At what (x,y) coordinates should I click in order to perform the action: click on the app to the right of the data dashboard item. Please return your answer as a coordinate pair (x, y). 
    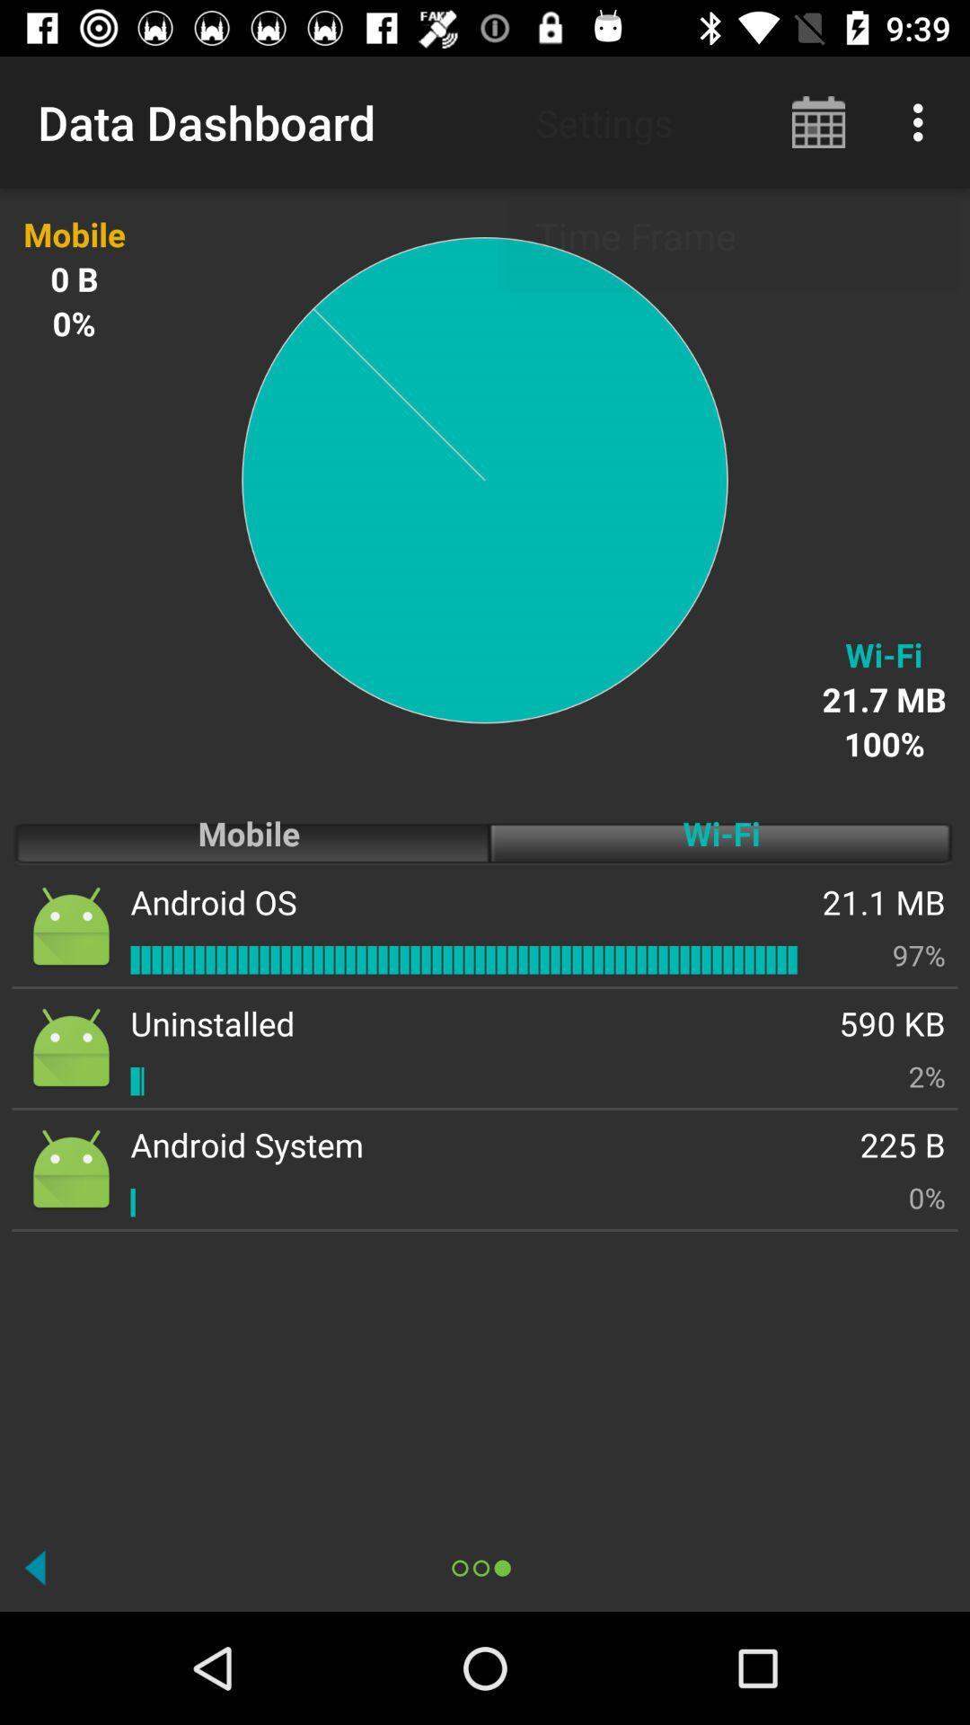
    Looking at the image, I should click on (818, 121).